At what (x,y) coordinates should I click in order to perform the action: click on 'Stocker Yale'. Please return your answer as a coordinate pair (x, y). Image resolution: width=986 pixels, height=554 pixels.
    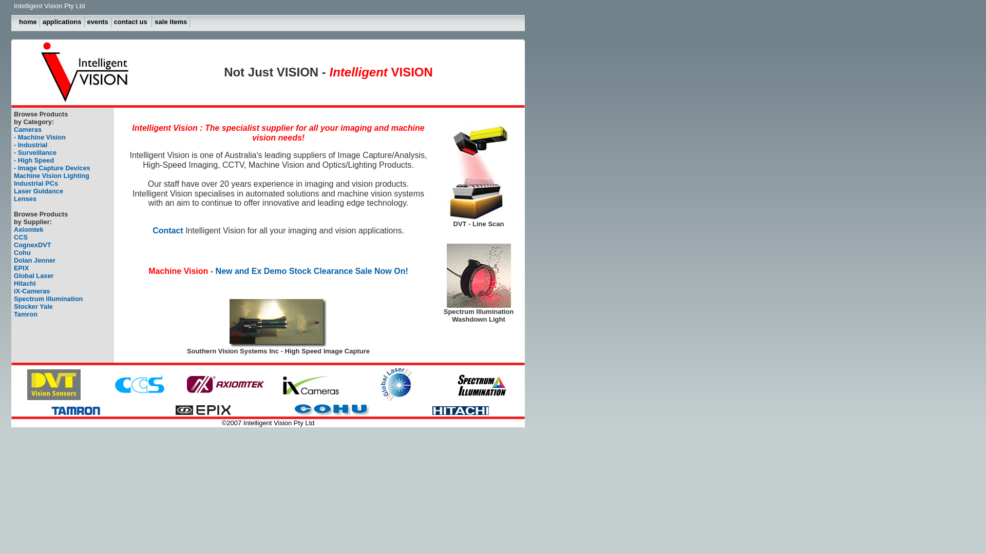
    Looking at the image, I should click on (33, 306).